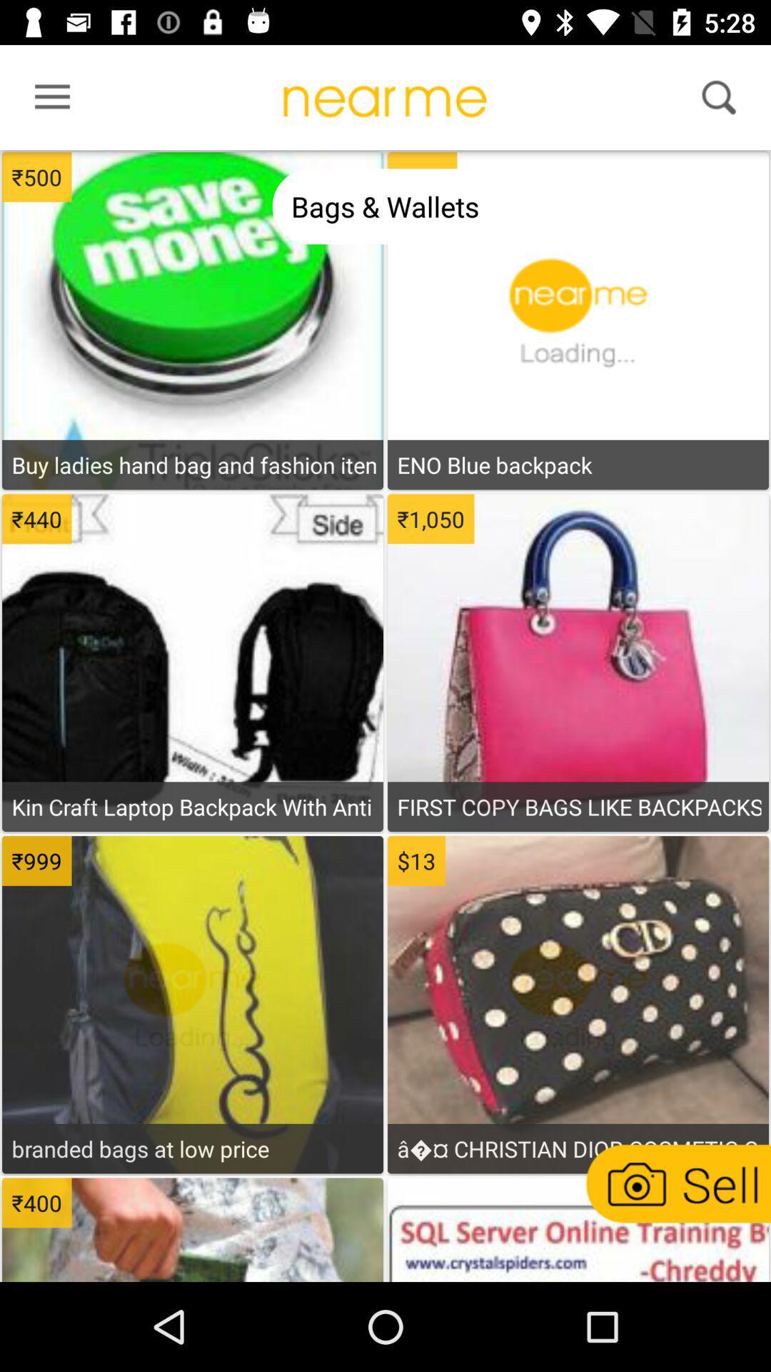  I want to click on product information, so click(577, 1024).